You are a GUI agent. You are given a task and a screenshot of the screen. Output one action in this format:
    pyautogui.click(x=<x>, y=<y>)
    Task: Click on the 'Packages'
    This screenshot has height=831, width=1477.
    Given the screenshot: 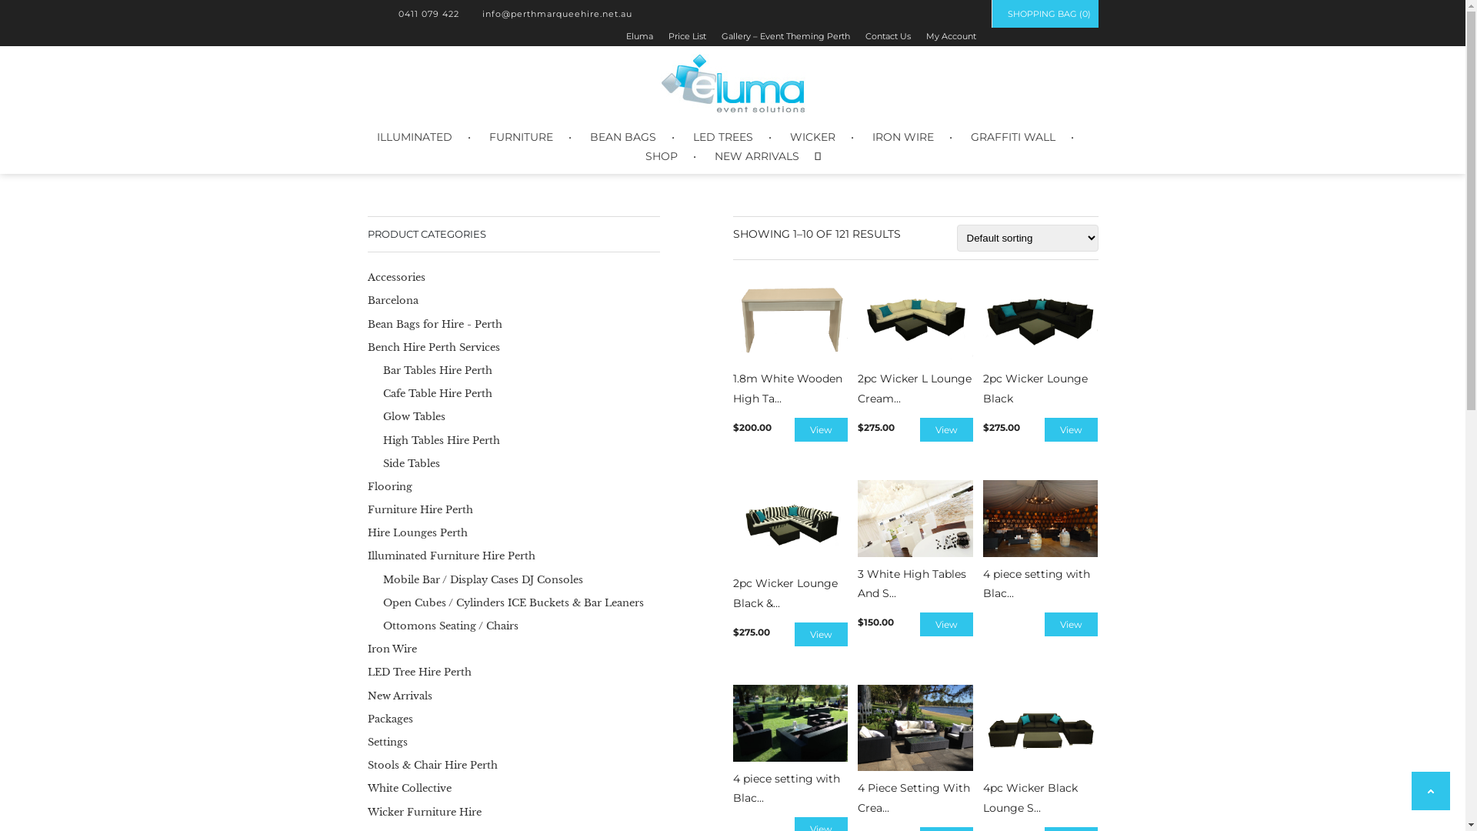 What is the action you would take?
    pyautogui.click(x=390, y=719)
    